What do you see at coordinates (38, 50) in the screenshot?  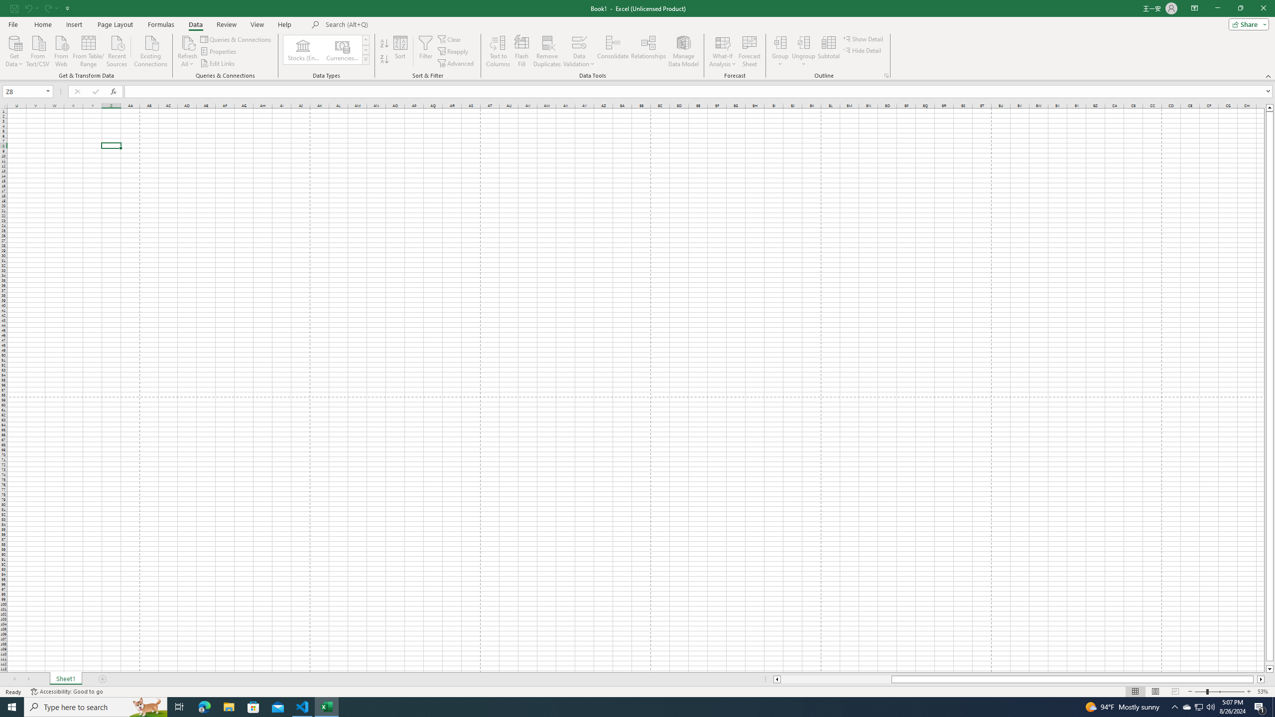 I see `'From Text/CSV'` at bounding box center [38, 50].